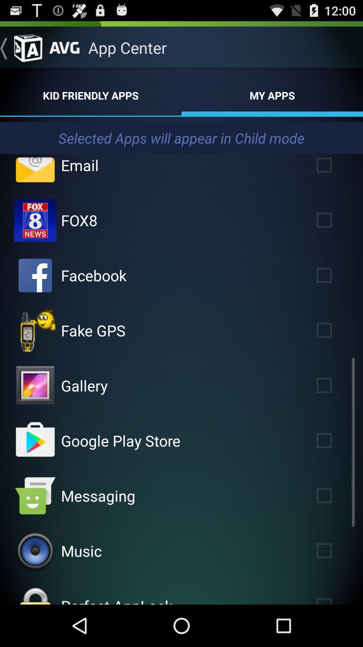 This screenshot has width=363, height=647. What do you see at coordinates (35, 220) in the screenshot?
I see `fox8` at bounding box center [35, 220].